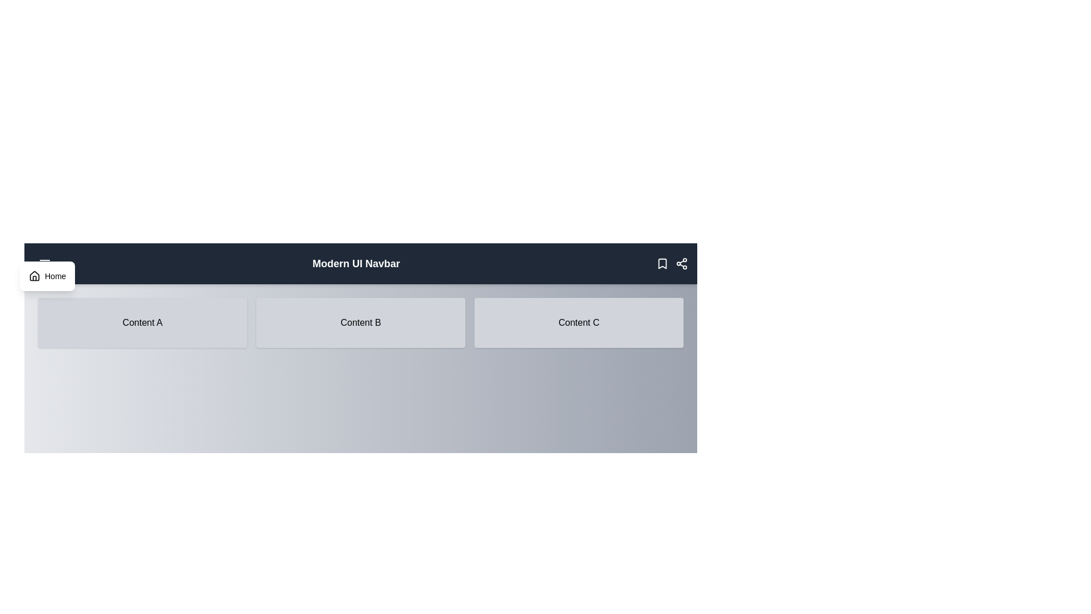  Describe the element at coordinates (578, 322) in the screenshot. I see `the 'Content C' box` at that location.